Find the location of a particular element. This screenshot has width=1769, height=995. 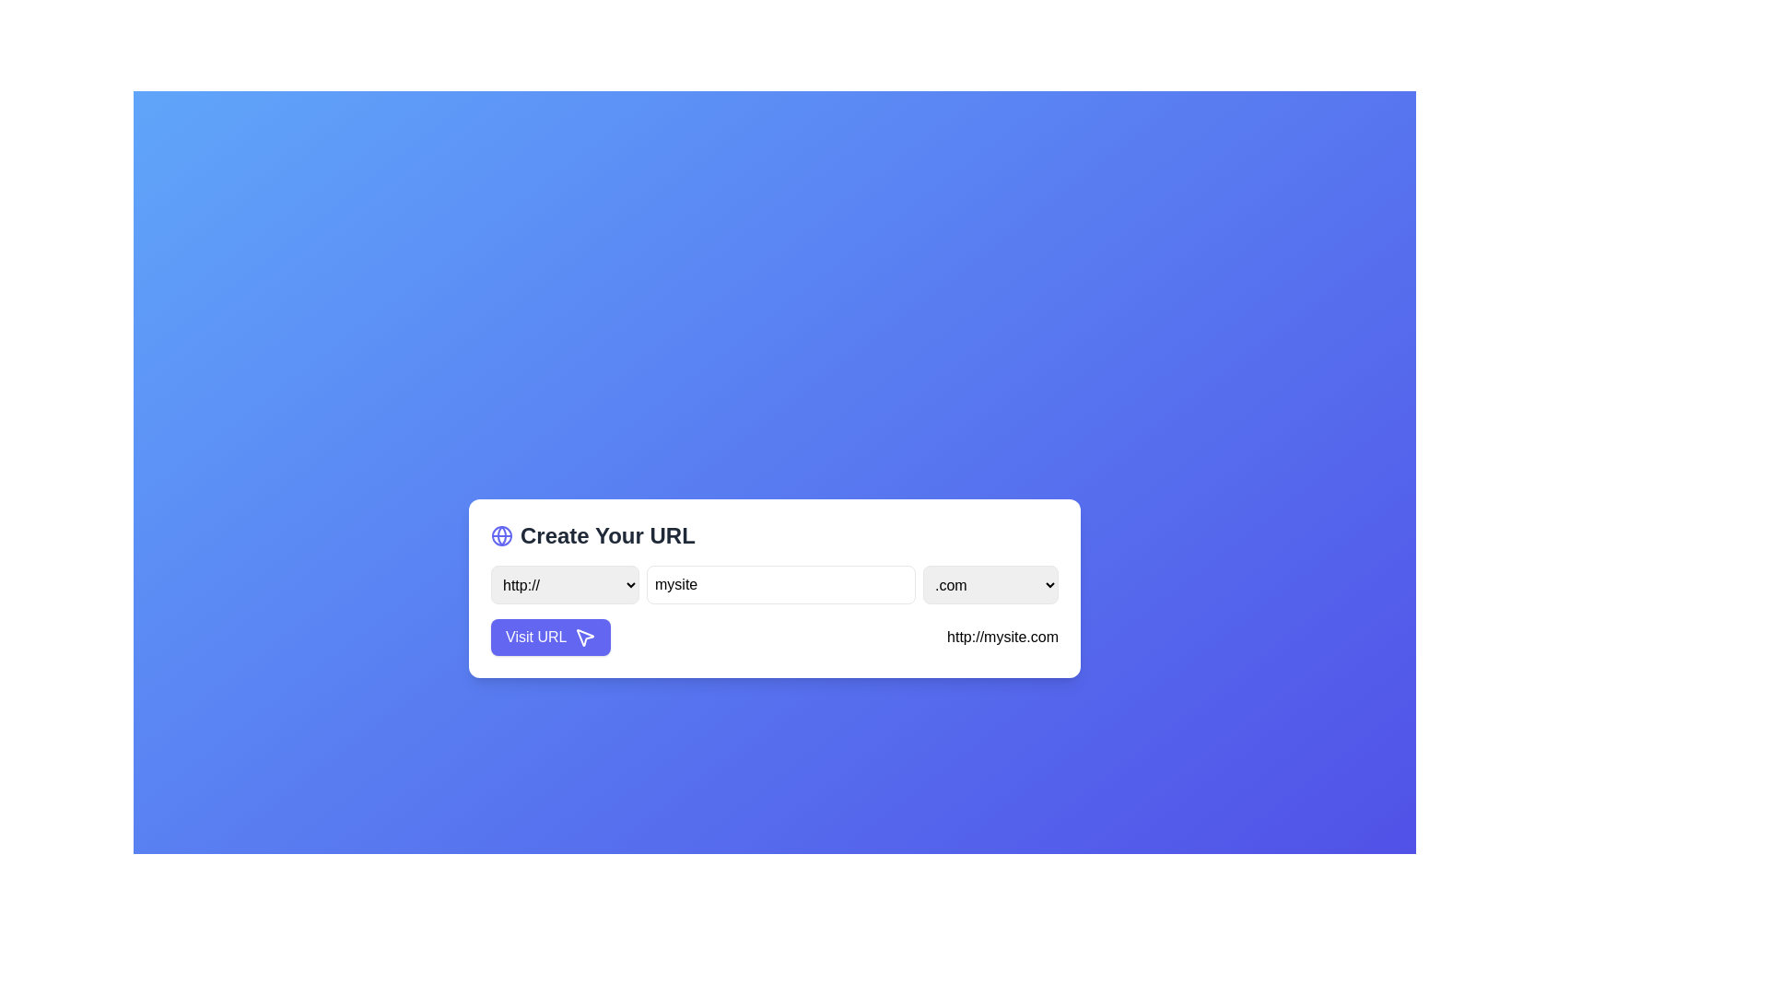

the SVG Circle element, which has an indigo-blue border and is located at the center of the globe icon, positioned to the left of the 'Create Your URL' label is located at coordinates (502, 536).